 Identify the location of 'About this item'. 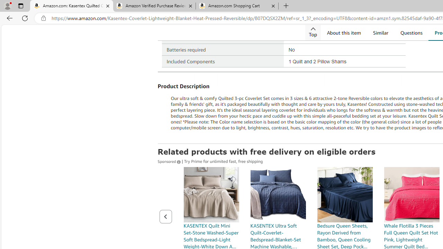
(343, 33).